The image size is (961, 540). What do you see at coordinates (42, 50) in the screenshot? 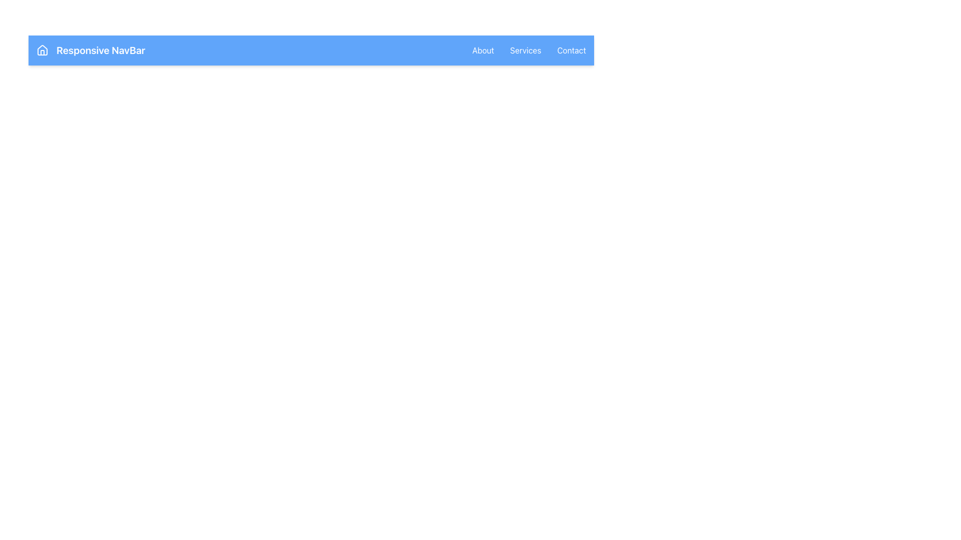
I see `the 'home' icon` at bounding box center [42, 50].